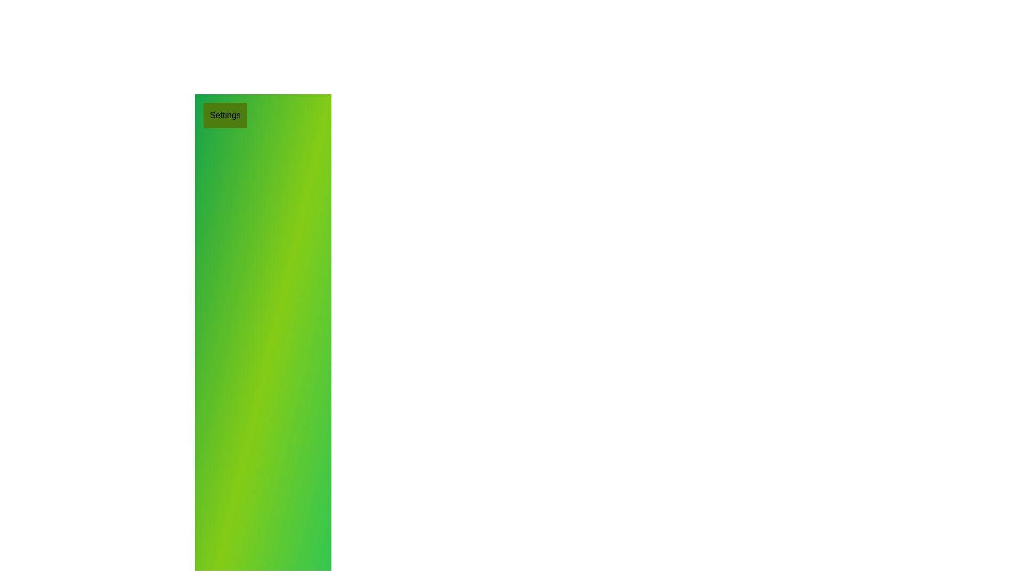 This screenshot has height=575, width=1023. What do you see at coordinates (224, 115) in the screenshot?
I see `the interactive settings button located near the top-left of the interface for keyboard navigation` at bounding box center [224, 115].